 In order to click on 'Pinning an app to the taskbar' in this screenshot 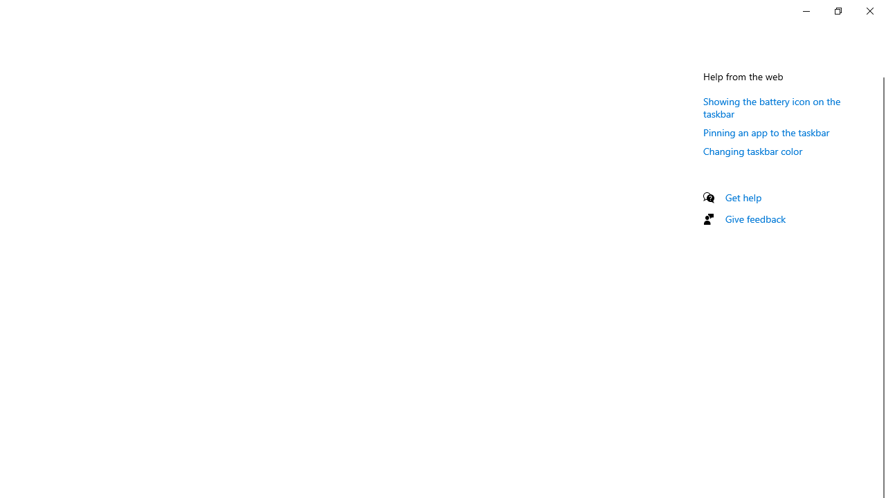, I will do `click(766, 132)`.